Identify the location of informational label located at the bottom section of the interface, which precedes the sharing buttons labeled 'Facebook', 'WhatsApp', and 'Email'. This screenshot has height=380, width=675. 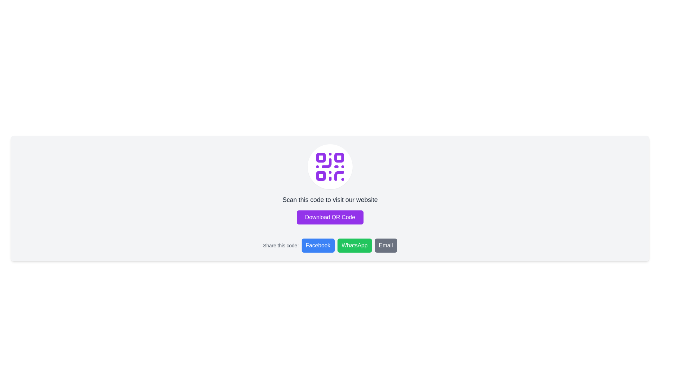
(280, 245).